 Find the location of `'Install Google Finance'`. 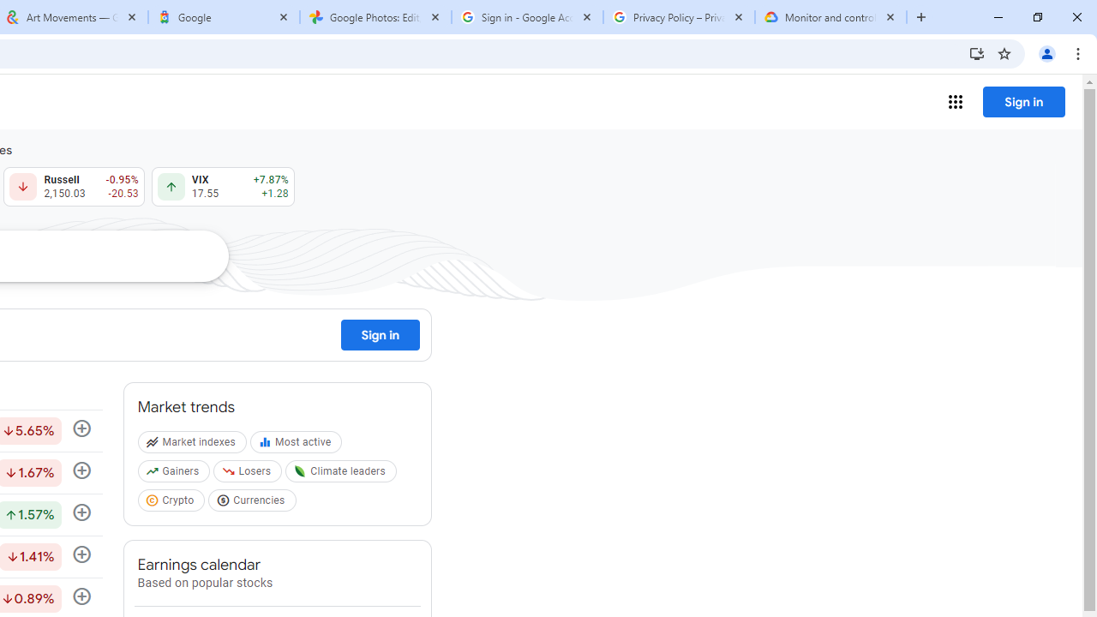

'Install Google Finance' is located at coordinates (976, 52).